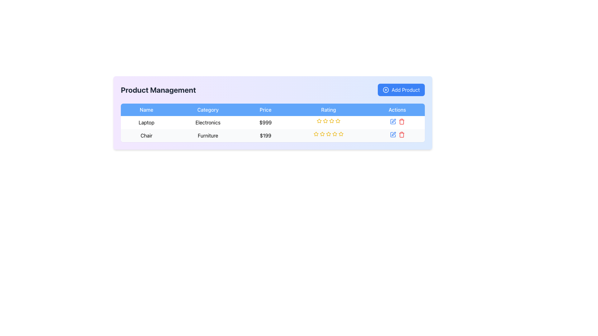  Describe the element at coordinates (335, 133) in the screenshot. I see `the fourth star in the rating column of the second row in the table to rate the product` at that location.